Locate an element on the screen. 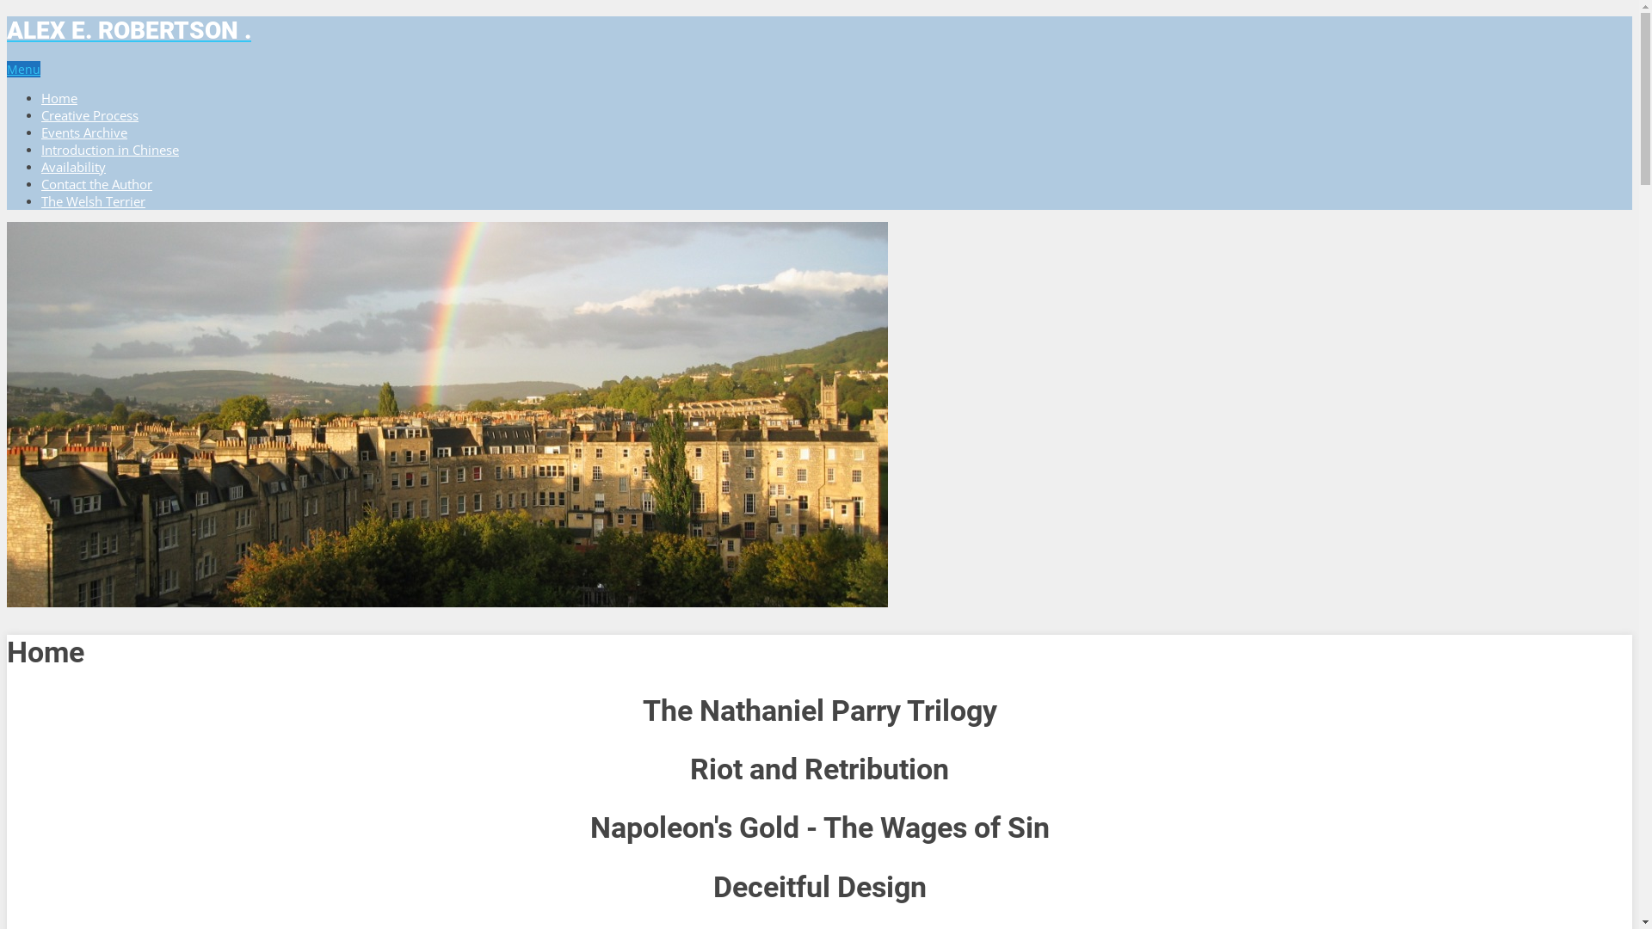 This screenshot has width=1652, height=929. 'ALEX E. ROBERTSON .' is located at coordinates (818, 30).